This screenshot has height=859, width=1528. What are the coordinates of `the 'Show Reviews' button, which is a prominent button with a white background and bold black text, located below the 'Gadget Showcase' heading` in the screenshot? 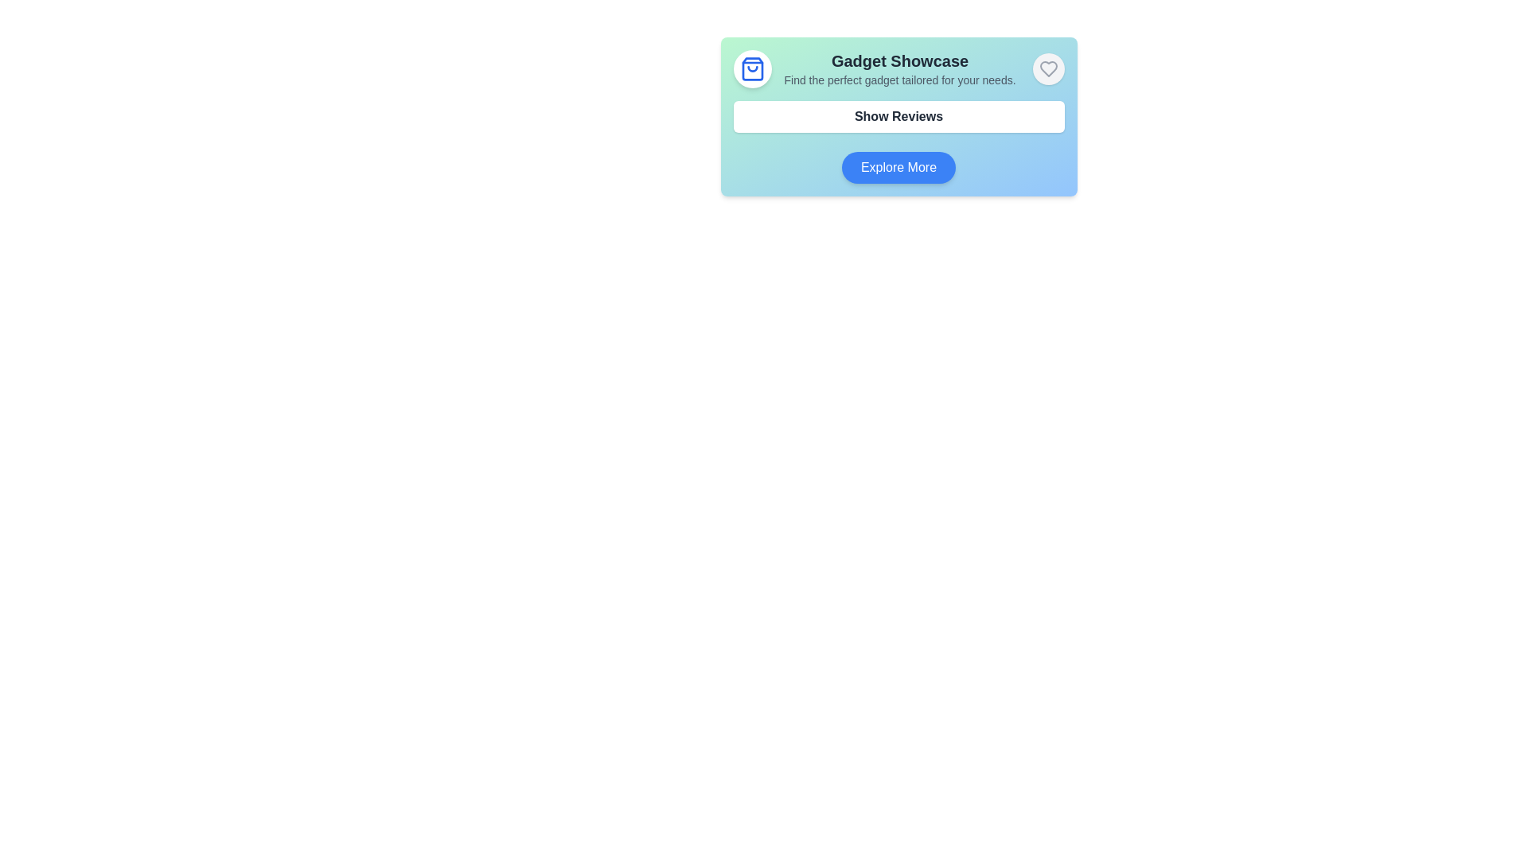 It's located at (898, 115).